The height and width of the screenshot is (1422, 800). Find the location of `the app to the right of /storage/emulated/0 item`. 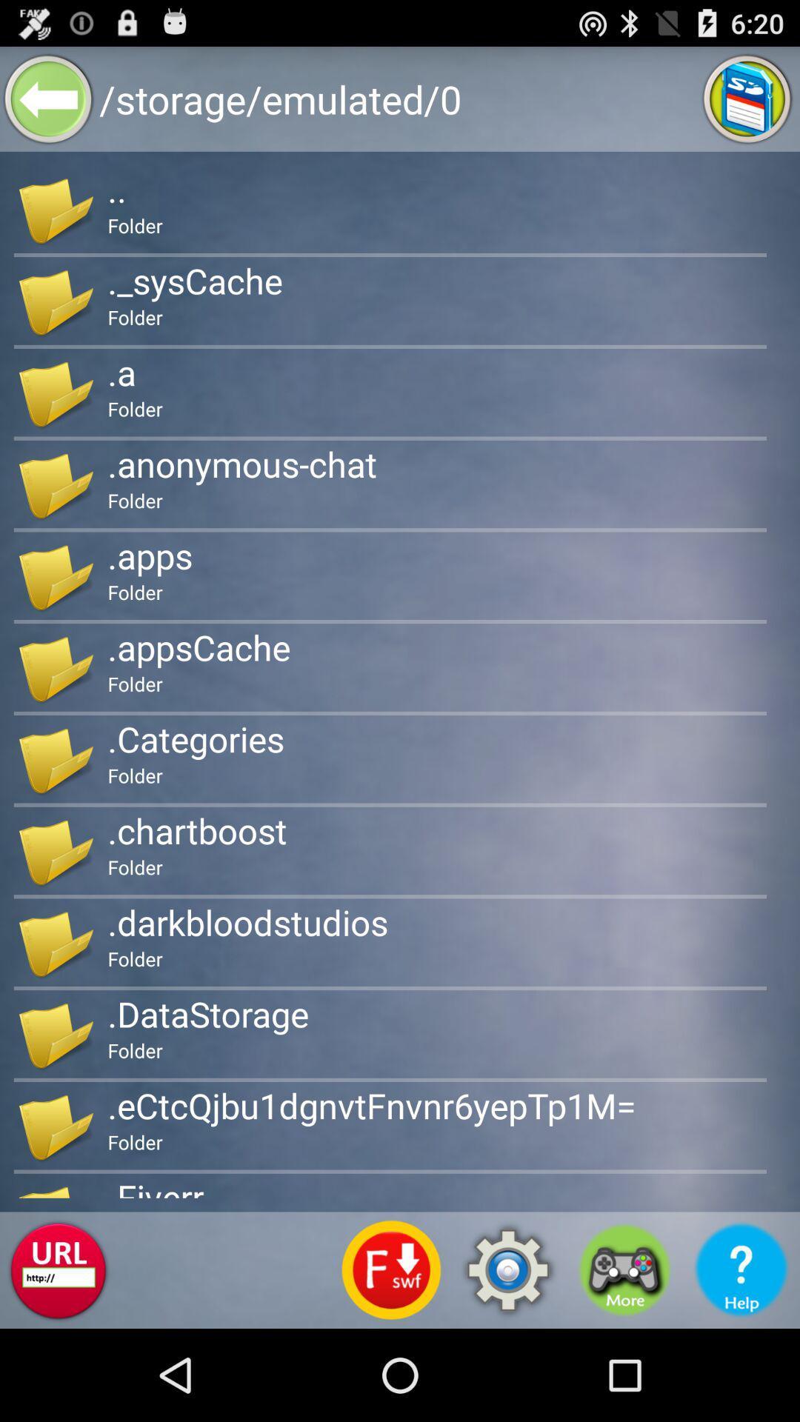

the app to the right of /storage/emulated/0 item is located at coordinates (747, 98).